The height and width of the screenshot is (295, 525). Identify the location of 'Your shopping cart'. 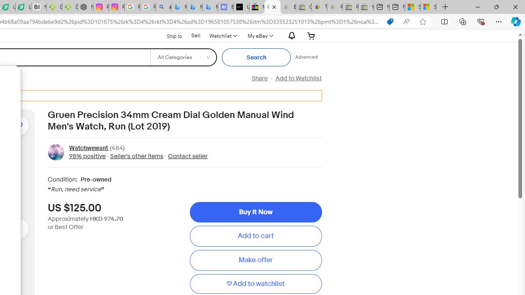
(311, 35).